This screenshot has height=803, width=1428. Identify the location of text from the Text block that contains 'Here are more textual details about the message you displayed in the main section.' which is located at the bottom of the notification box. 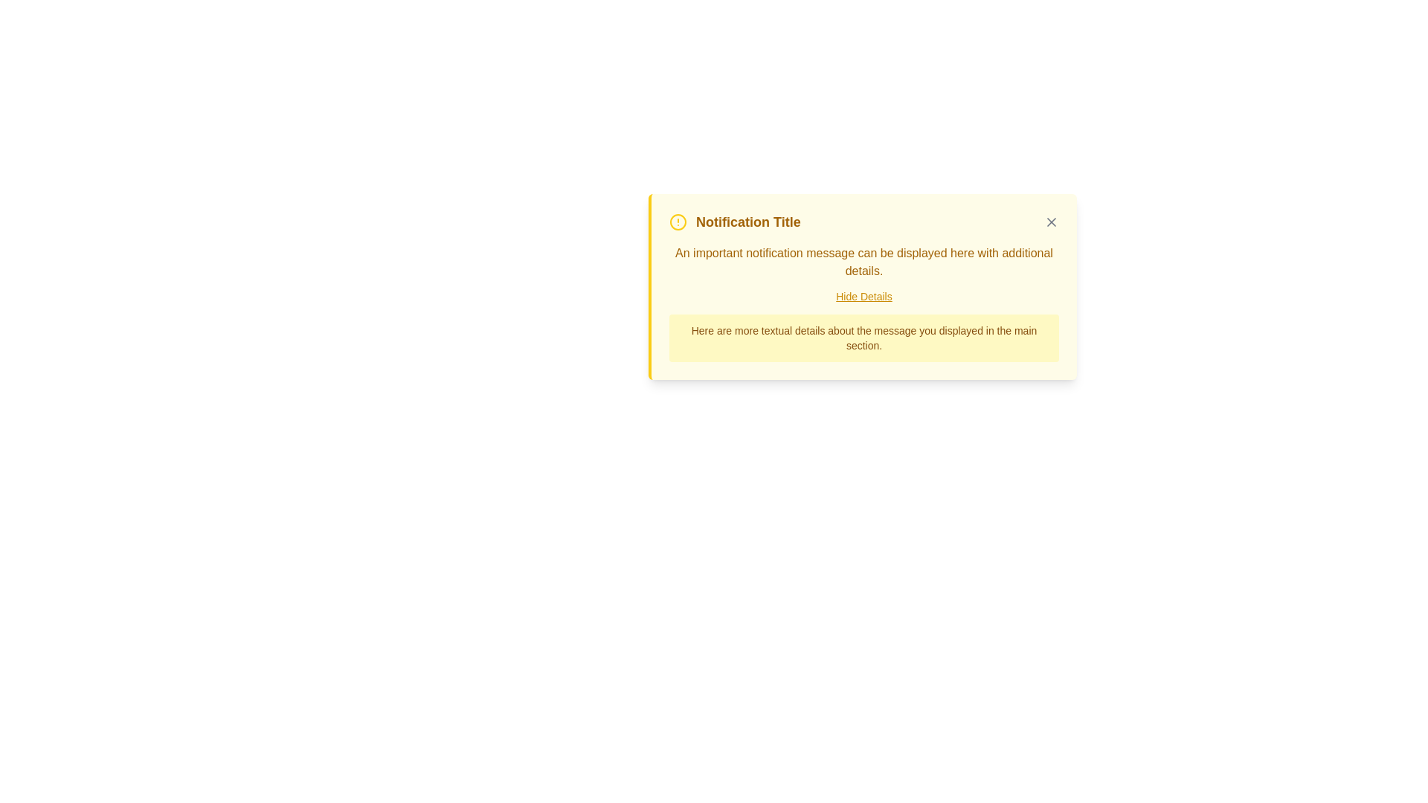
(863, 338).